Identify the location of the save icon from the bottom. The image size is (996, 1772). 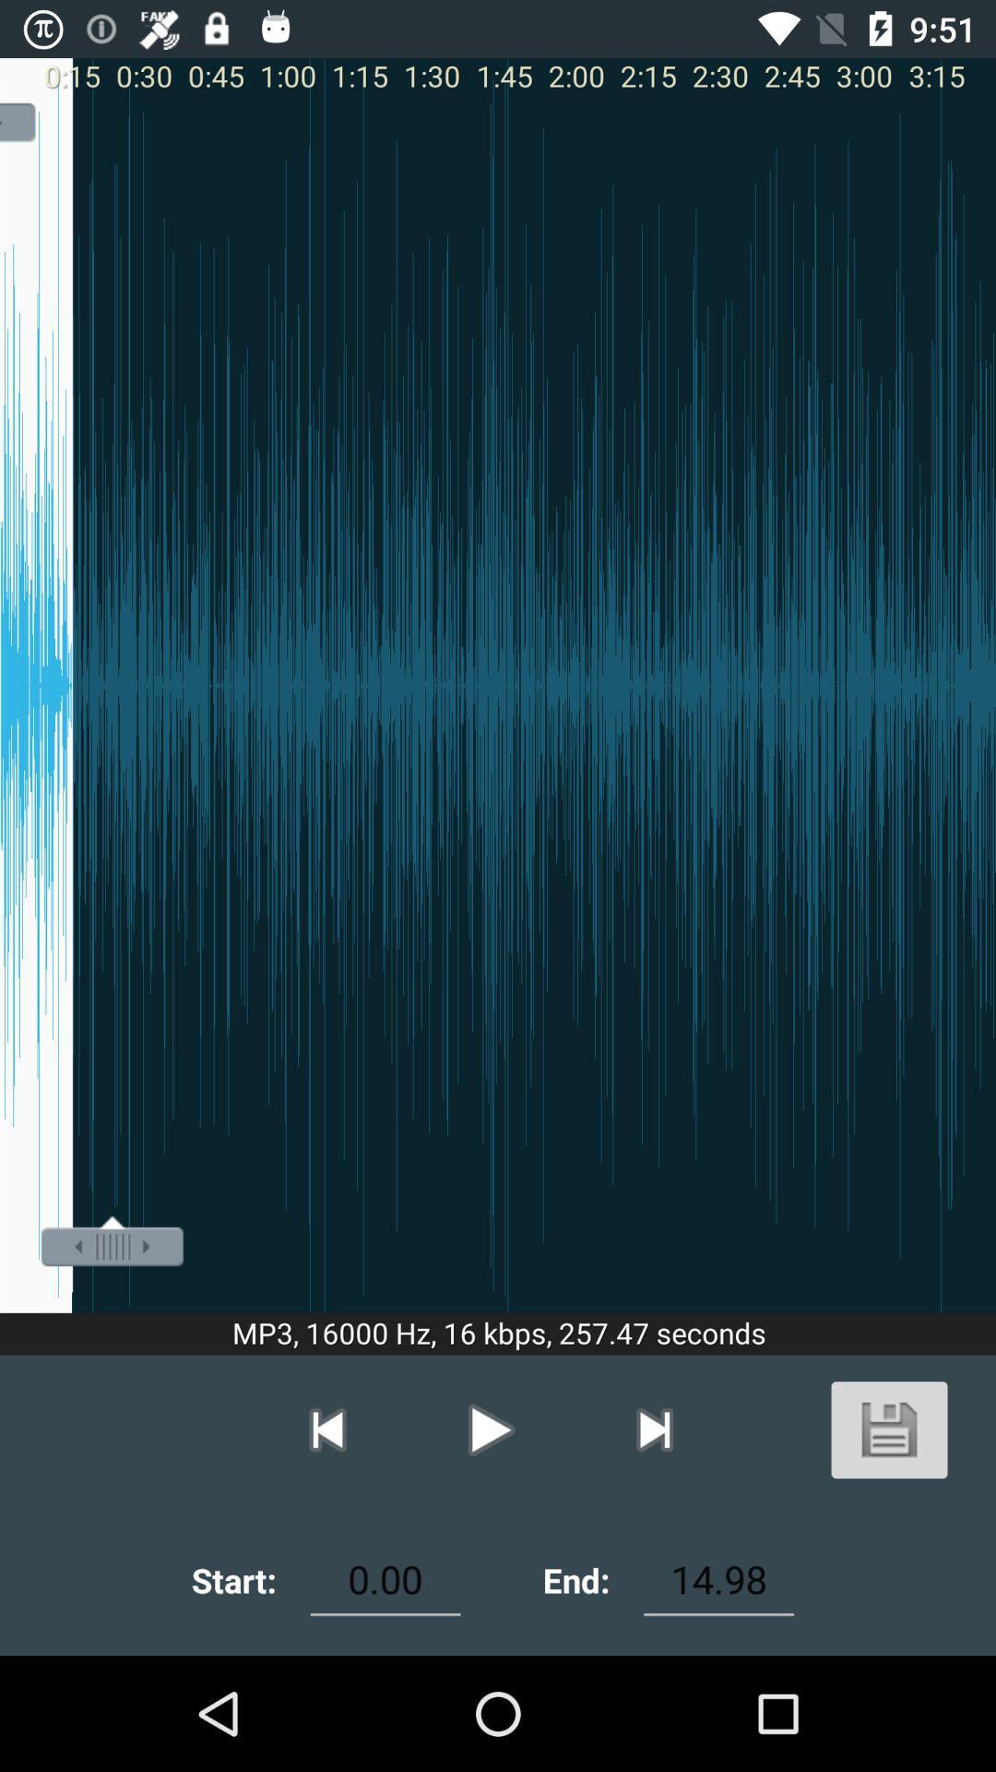
(888, 1429).